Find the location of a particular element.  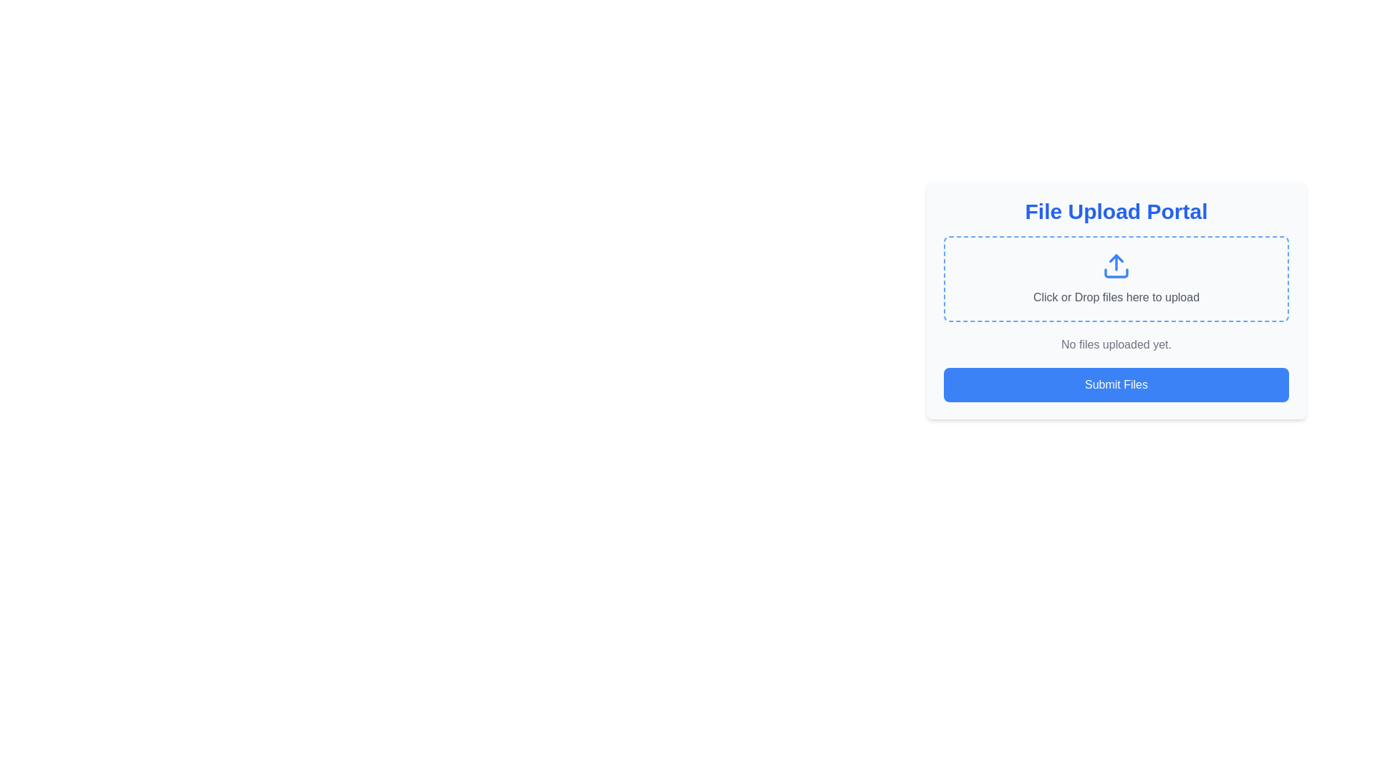

the text label that reads 'Click or Drop files here to upload' in light gray color, positioned under the upload icon within a dashed blue border is located at coordinates (1116, 297).